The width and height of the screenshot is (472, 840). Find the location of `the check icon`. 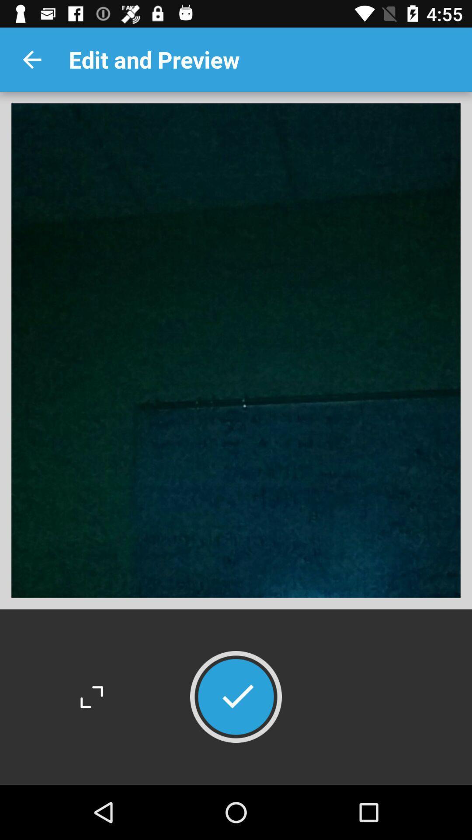

the check icon is located at coordinates (236, 696).